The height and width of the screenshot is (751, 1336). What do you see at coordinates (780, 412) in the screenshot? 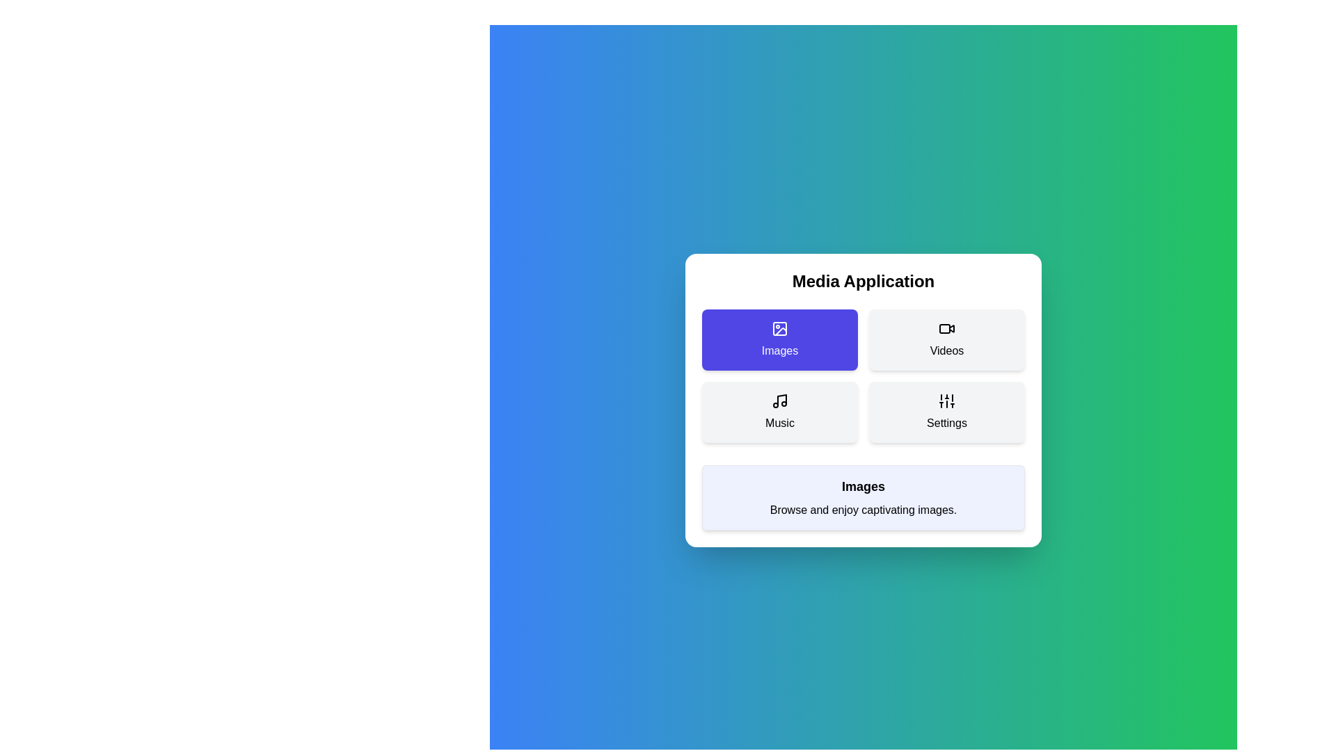
I see `the button corresponding to the menu item Music` at bounding box center [780, 412].